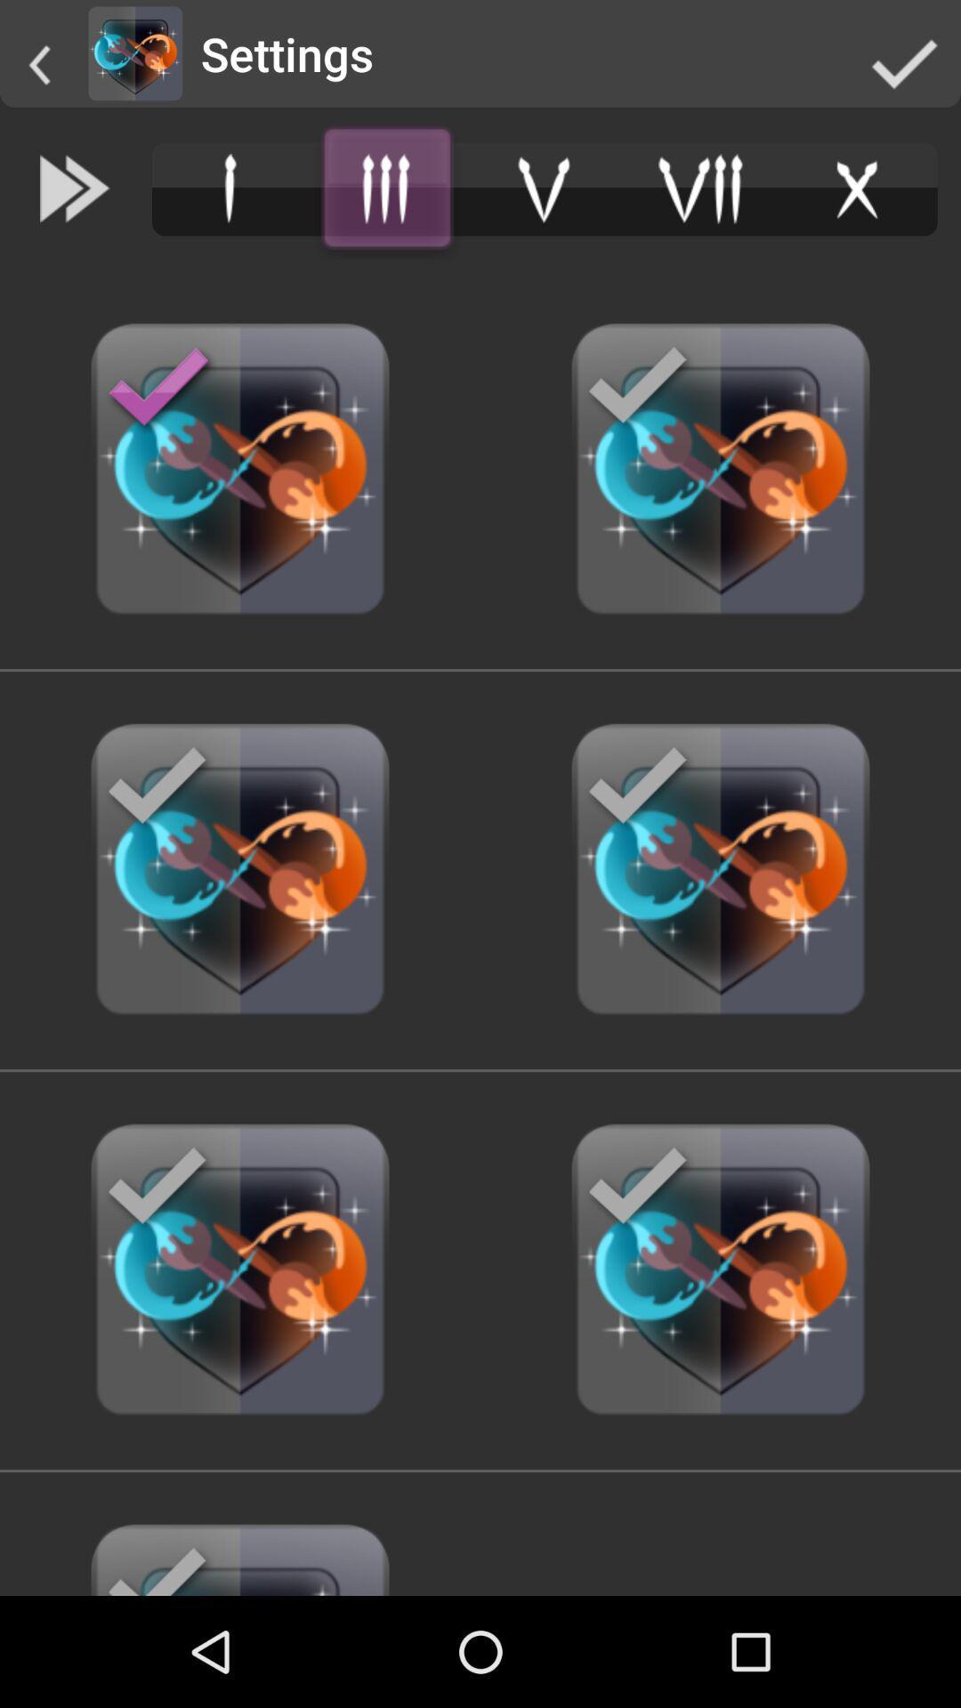 This screenshot has height=1708, width=961. Describe the element at coordinates (386, 189) in the screenshot. I see `the item below the settings app` at that location.